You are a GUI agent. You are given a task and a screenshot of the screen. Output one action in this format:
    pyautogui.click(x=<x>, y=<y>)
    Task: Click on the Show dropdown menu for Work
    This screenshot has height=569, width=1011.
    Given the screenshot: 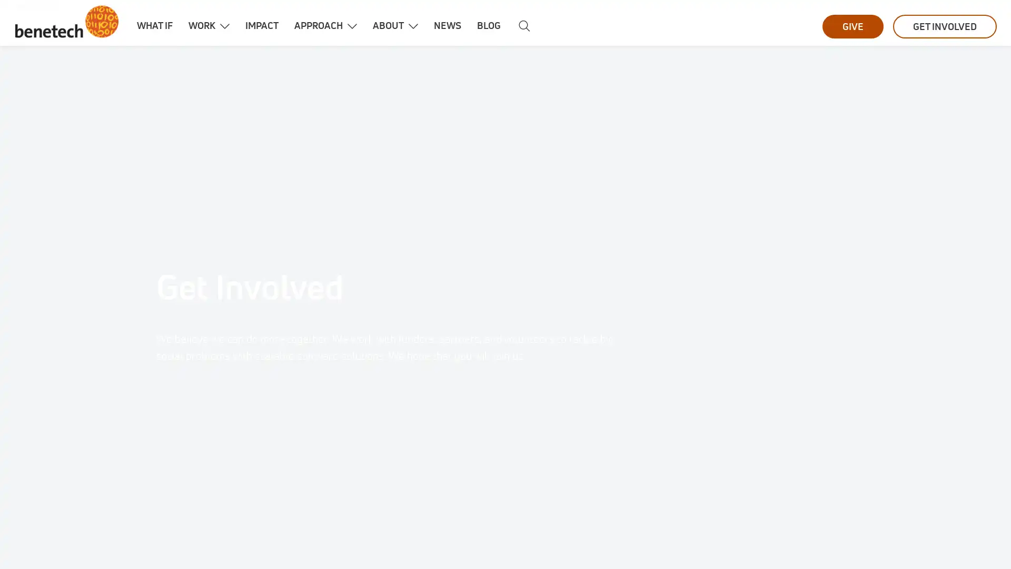 What is the action you would take?
    pyautogui.click(x=224, y=26)
    